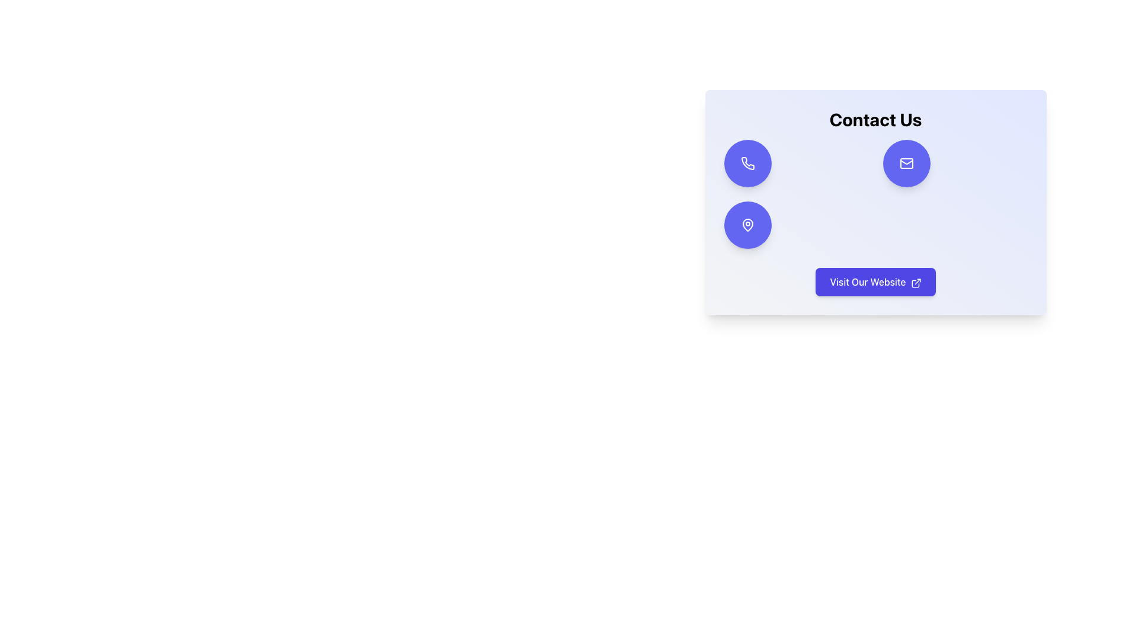  Describe the element at coordinates (747, 164) in the screenshot. I see `the interactive button located on the leftmost side of the 'Contact Us' section` at that location.